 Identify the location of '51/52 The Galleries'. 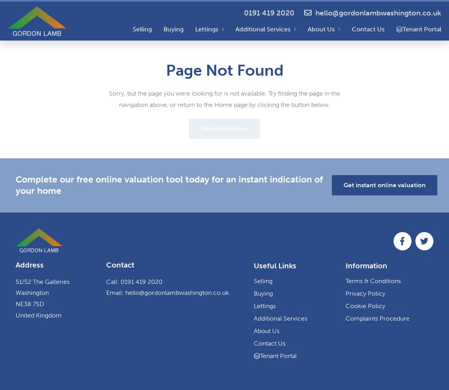
(42, 281).